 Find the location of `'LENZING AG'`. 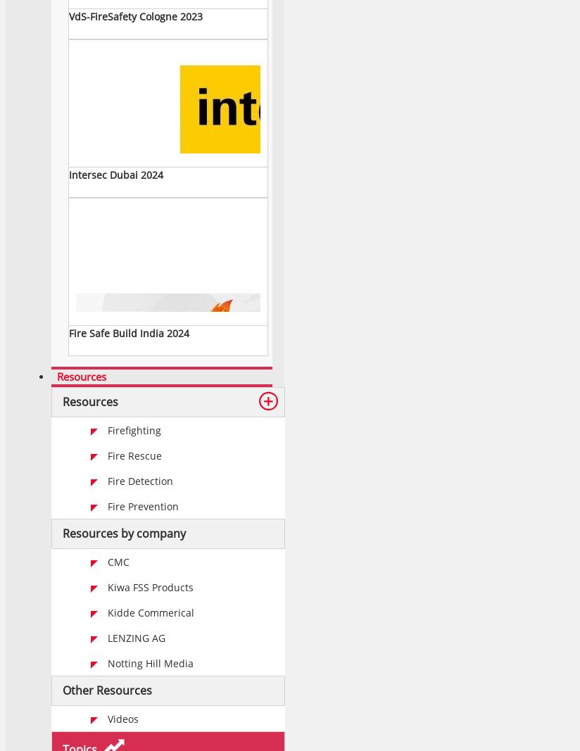

'LENZING AG' is located at coordinates (107, 638).